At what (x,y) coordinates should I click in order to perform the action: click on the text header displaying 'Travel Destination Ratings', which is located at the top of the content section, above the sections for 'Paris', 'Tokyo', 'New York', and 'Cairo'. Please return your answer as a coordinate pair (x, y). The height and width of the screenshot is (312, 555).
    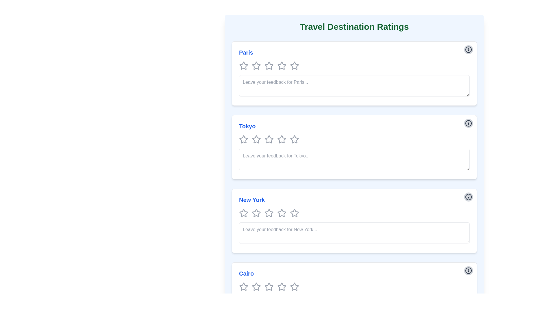
    Looking at the image, I should click on (354, 27).